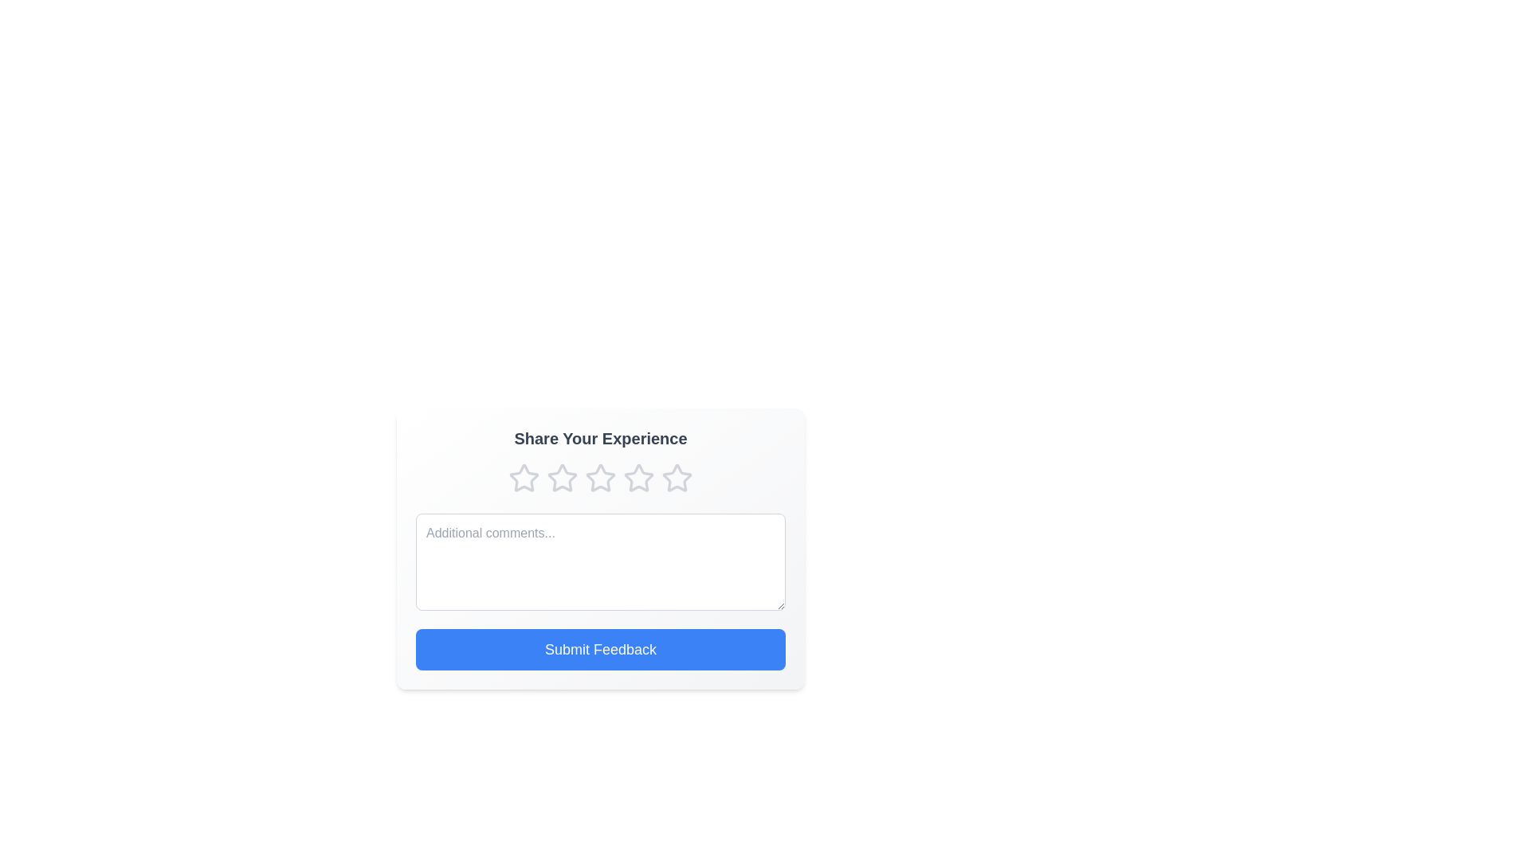 The height and width of the screenshot is (860, 1530). I want to click on the star rating component, which consists of five empty stars styled in light gray, located below the 'Share Your Experience' text in the feedback card, so click(599, 478).